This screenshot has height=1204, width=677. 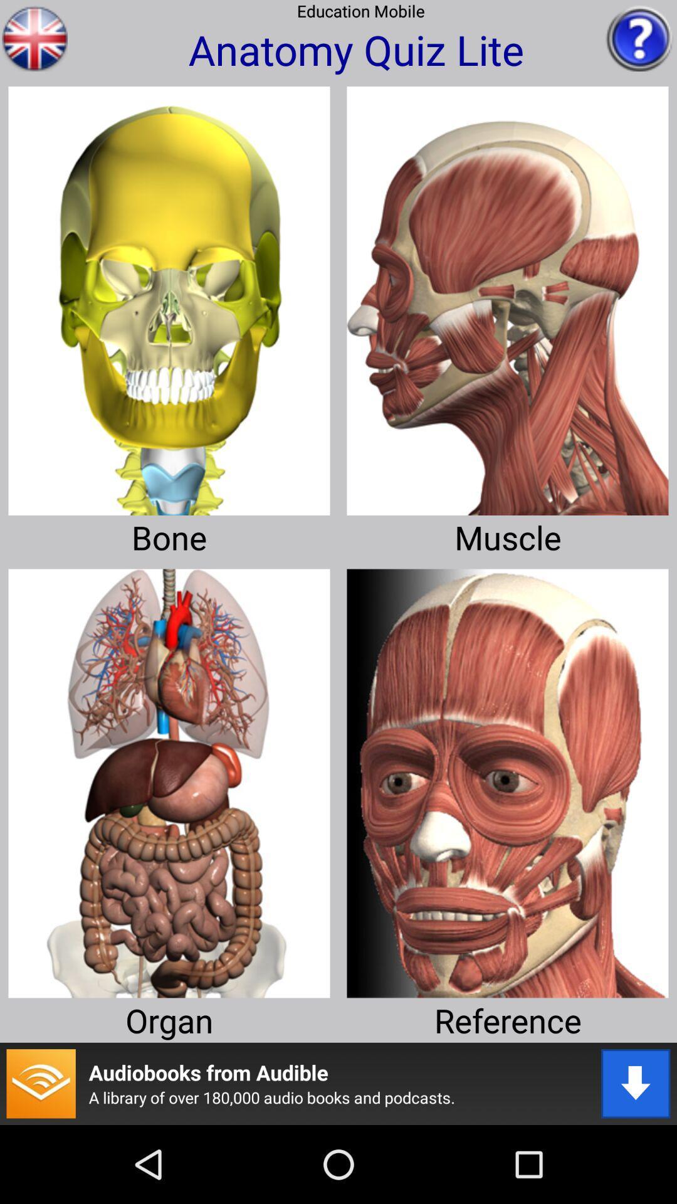 What do you see at coordinates (639, 41) in the screenshot?
I see `the help icon` at bounding box center [639, 41].